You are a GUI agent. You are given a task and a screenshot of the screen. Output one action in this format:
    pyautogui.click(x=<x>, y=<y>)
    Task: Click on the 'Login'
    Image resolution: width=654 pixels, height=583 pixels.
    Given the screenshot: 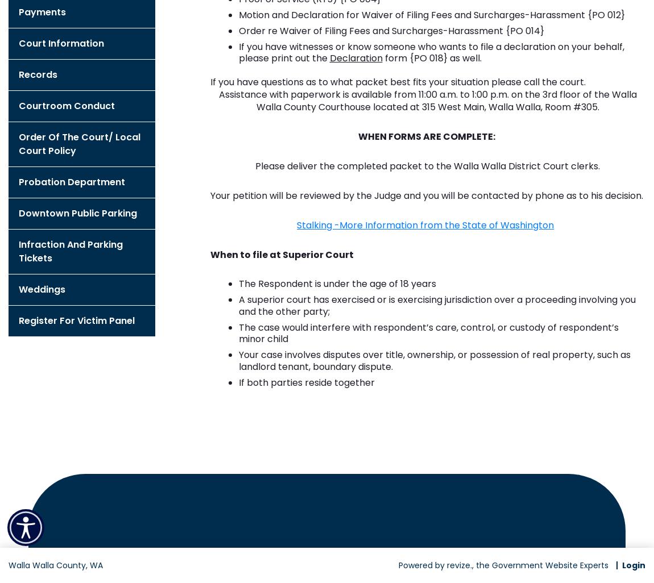 What is the action you would take?
    pyautogui.click(x=634, y=564)
    